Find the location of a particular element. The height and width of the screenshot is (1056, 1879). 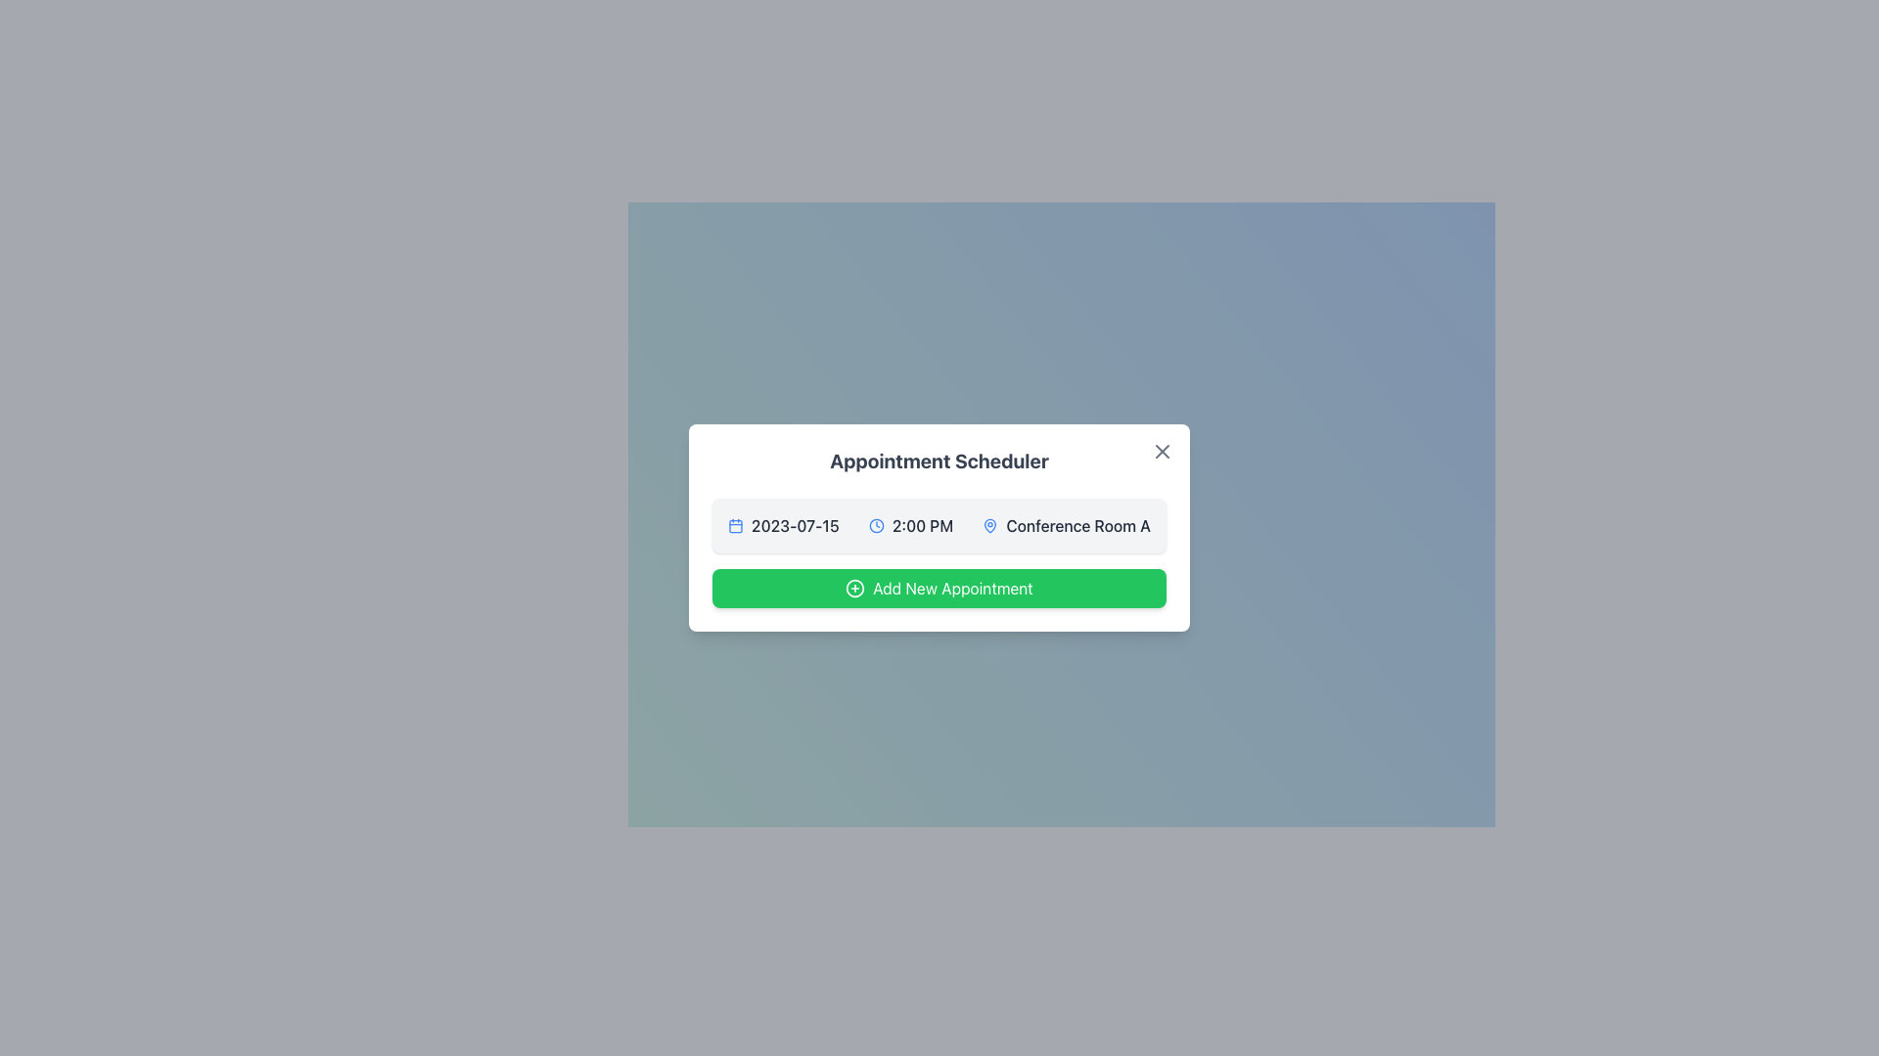

the 'Conference Room A' text label with a blue map pin icon located at the bottom center of the 'Appointment Scheduler' modal is located at coordinates (1066, 524).